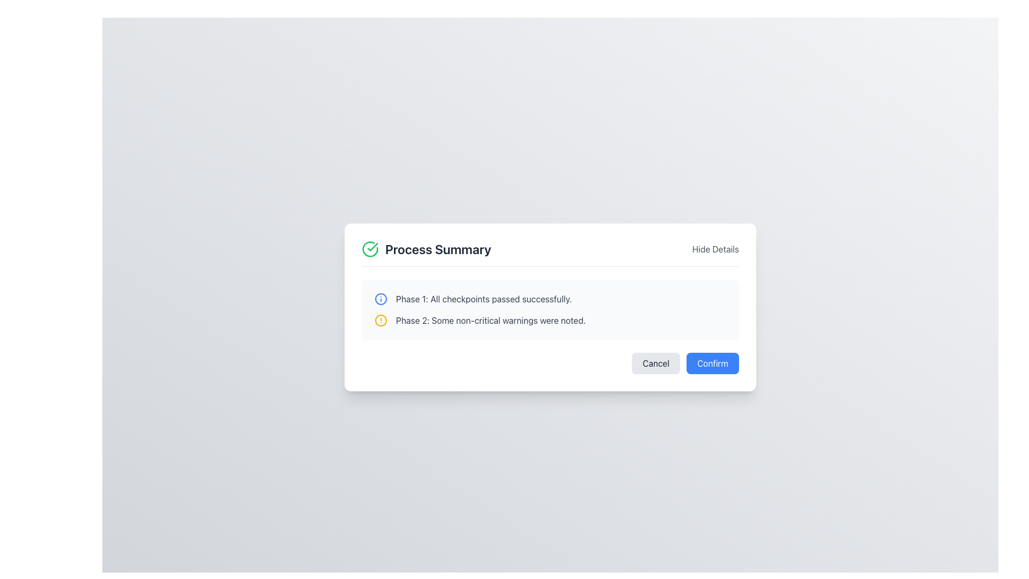  I want to click on the 'Cancel' button, which is a rectangular button with a light gray background and rounded corners, located in the lower-right section of a modal dialogue box, so click(655, 362).